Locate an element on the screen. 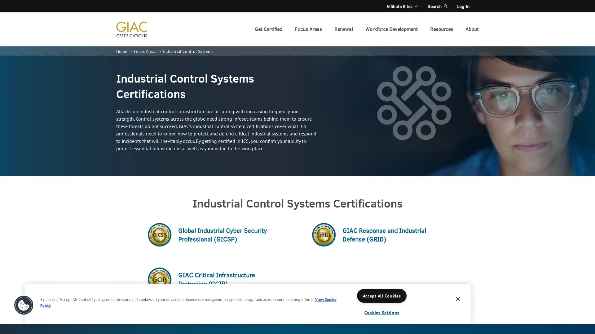  Cookies is located at coordinates (24, 305).